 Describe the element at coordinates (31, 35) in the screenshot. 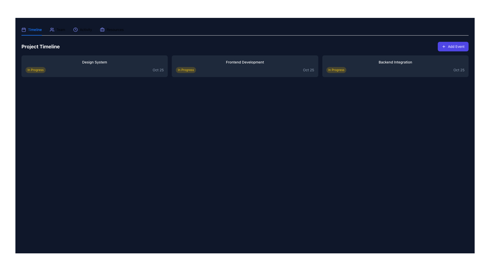

I see `the Tab indicator bar located at the bottom edge of the 'Timeline' tab, which visually highlights the active tab in the navigation bar` at that location.